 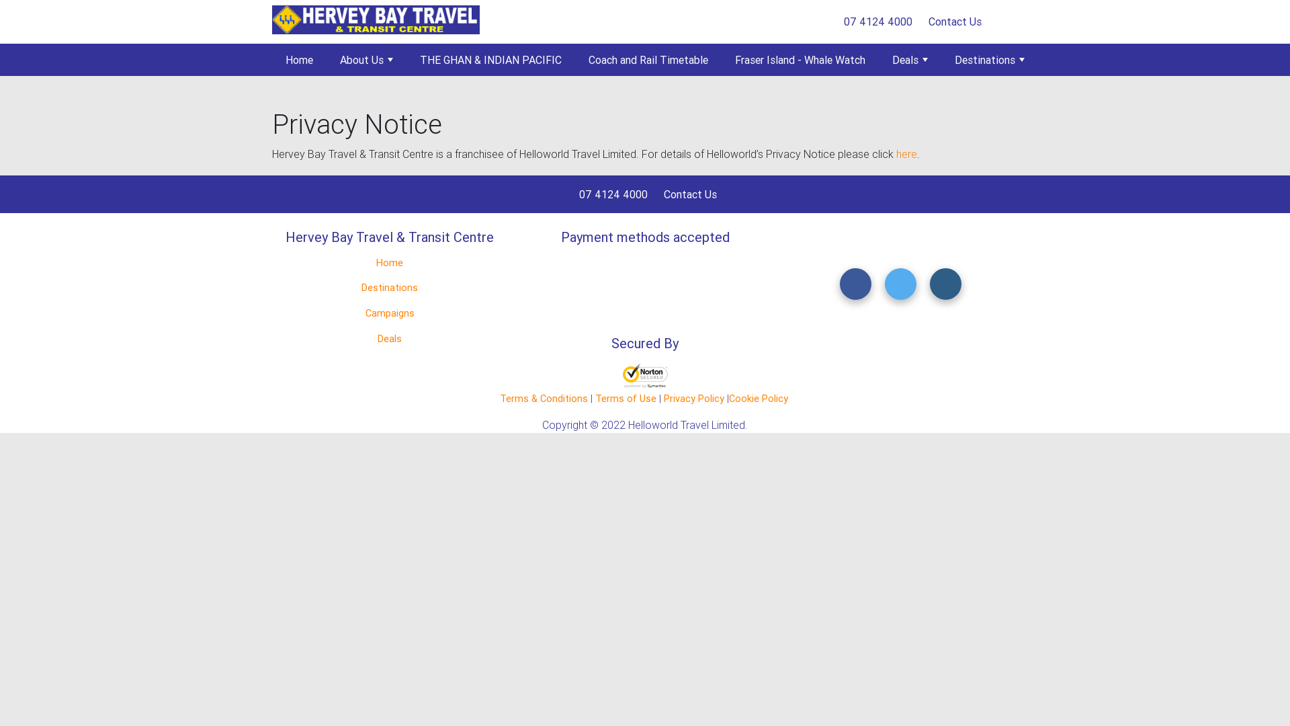 I want to click on 'Coach and Rail Timetable', so click(x=574, y=58).